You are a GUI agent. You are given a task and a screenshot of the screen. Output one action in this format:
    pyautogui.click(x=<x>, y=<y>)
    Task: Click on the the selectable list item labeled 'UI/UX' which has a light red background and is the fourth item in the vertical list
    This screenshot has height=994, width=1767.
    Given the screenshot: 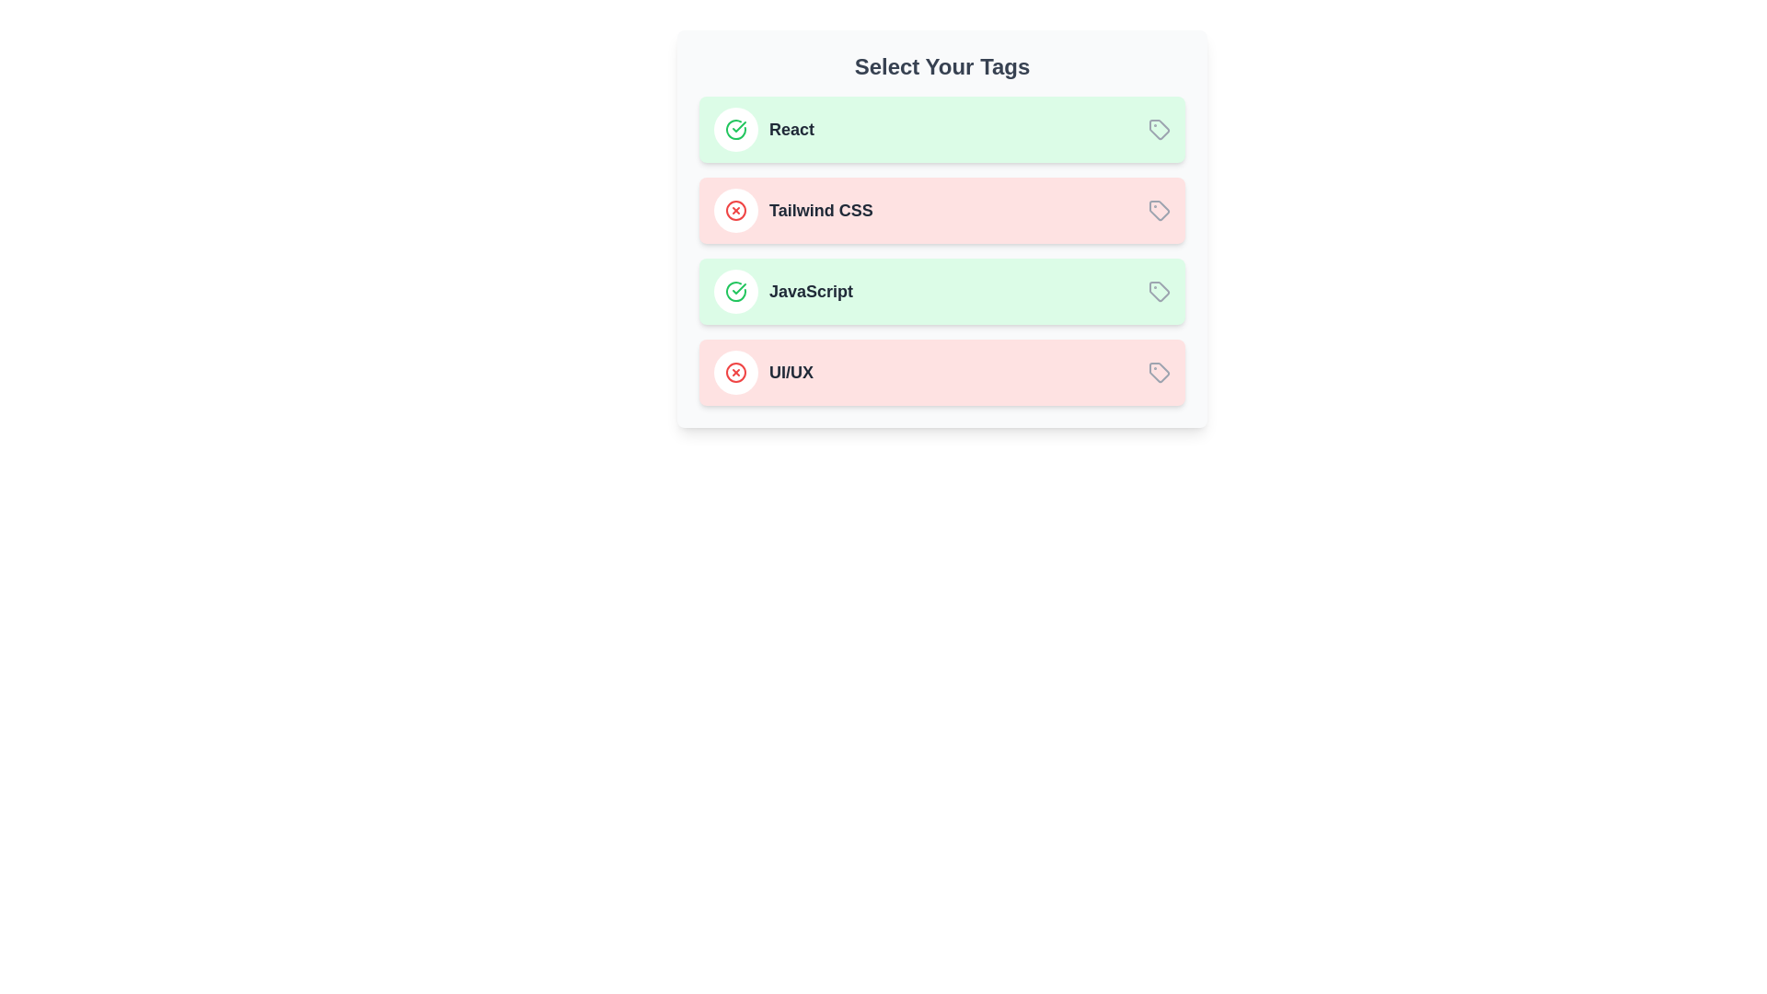 What is the action you would take?
    pyautogui.click(x=941, y=373)
    